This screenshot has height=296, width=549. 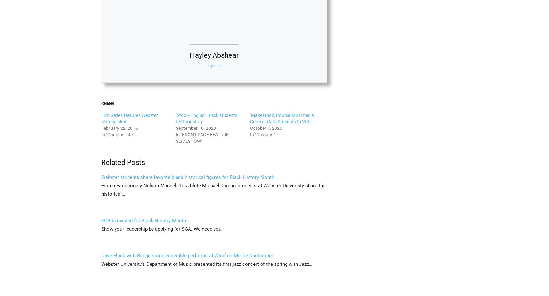 What do you see at coordinates (214, 55) in the screenshot?
I see `'Hayley Abshear'` at bounding box center [214, 55].